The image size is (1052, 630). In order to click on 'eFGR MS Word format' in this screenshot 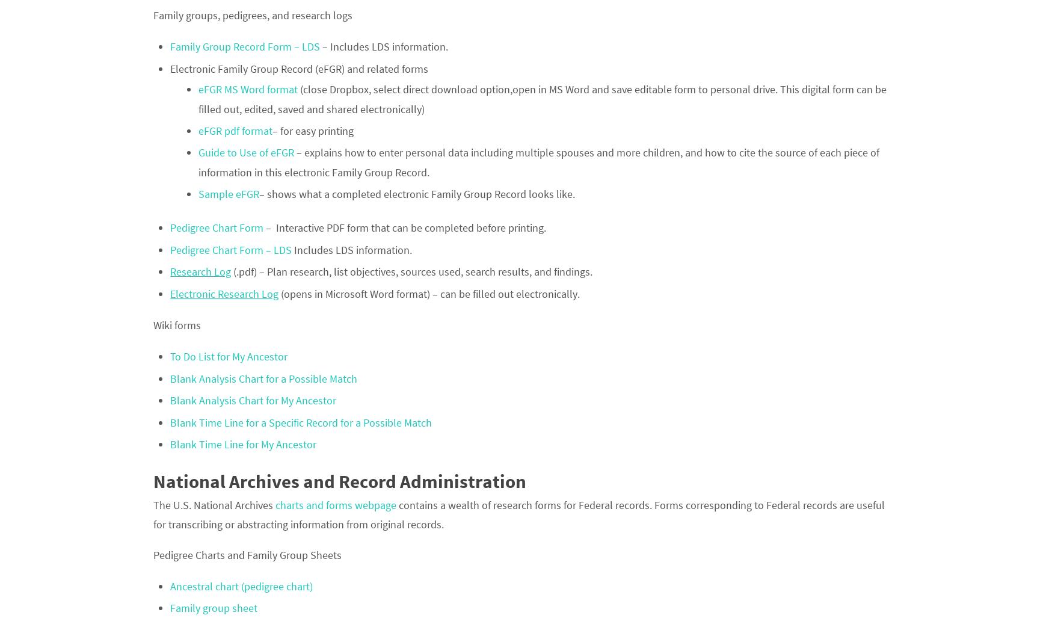, I will do `click(247, 89)`.